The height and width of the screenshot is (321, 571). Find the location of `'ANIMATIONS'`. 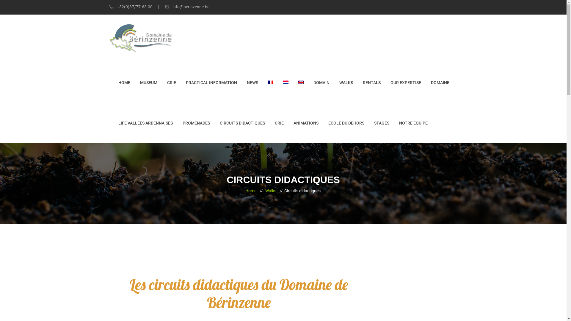

'ANIMATIONS' is located at coordinates (293, 122).